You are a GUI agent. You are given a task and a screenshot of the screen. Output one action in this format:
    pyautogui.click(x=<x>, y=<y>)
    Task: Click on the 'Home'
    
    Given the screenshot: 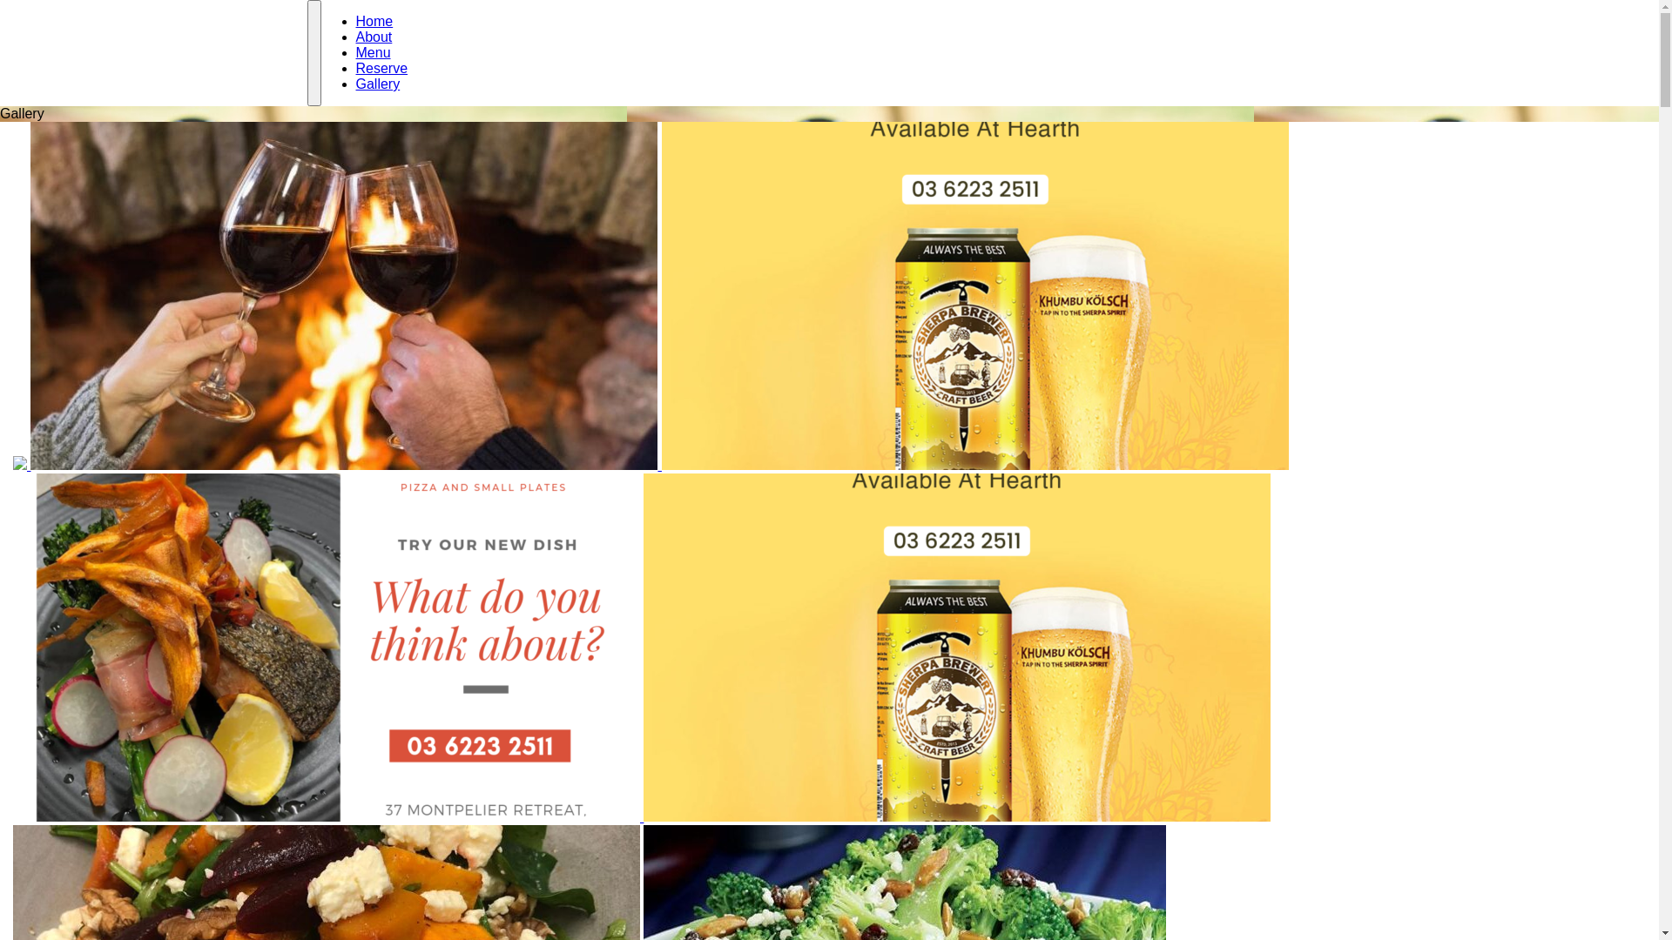 What is the action you would take?
    pyautogui.click(x=373, y=21)
    